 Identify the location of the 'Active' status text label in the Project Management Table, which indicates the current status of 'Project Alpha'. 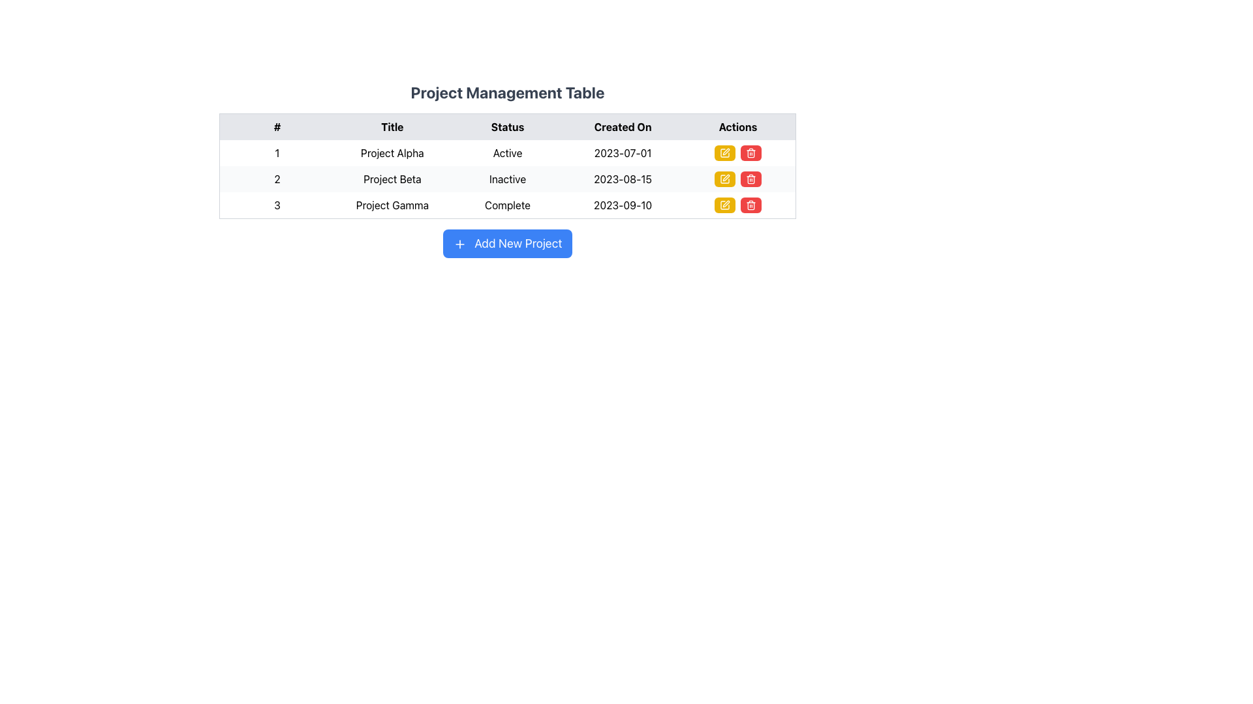
(506, 153).